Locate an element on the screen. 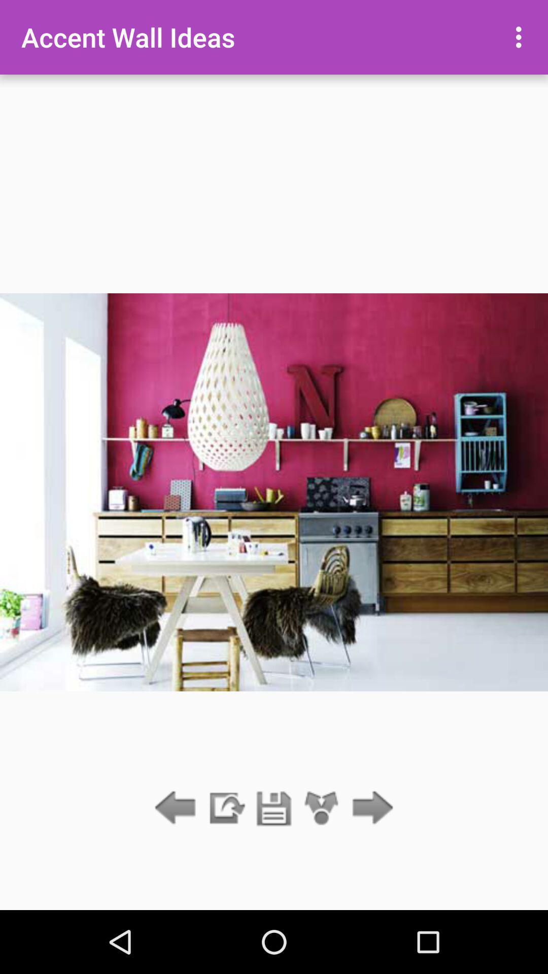  go back is located at coordinates (178, 808).